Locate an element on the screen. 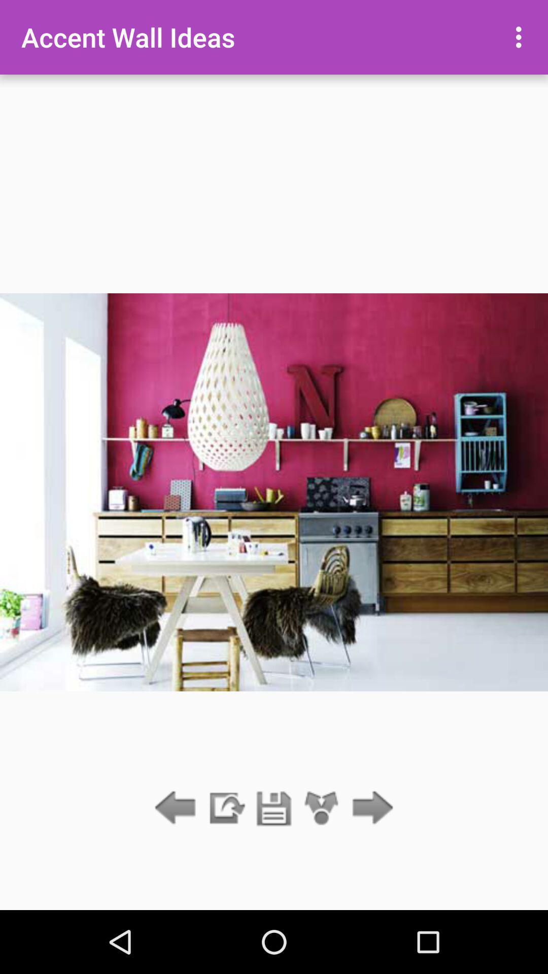  go back is located at coordinates (178, 808).